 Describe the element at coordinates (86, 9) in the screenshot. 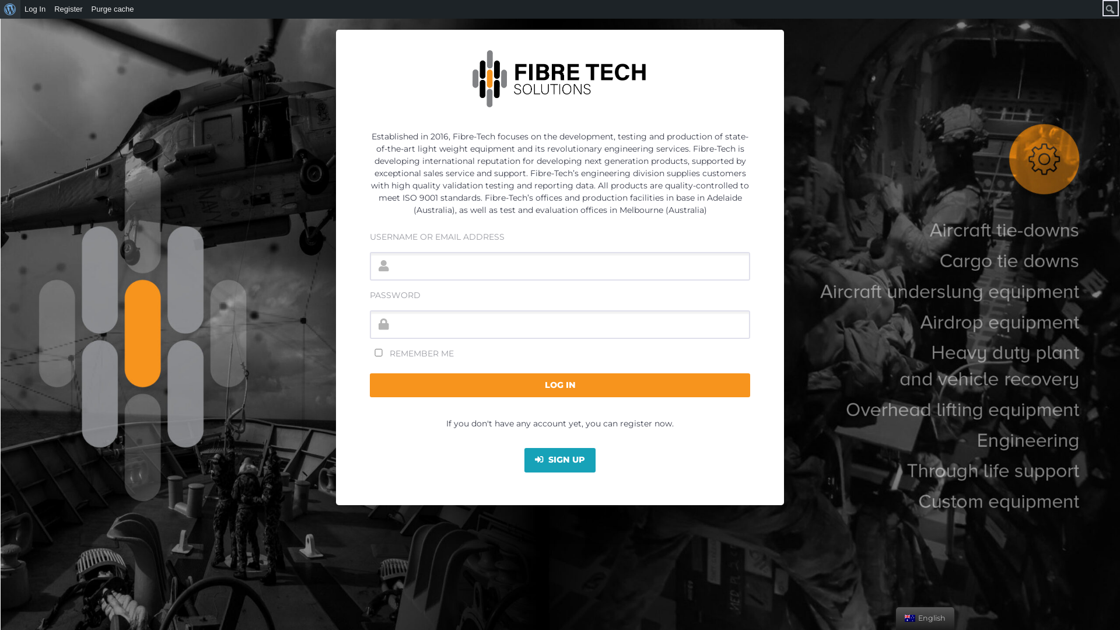

I see `'Purge cache'` at that location.